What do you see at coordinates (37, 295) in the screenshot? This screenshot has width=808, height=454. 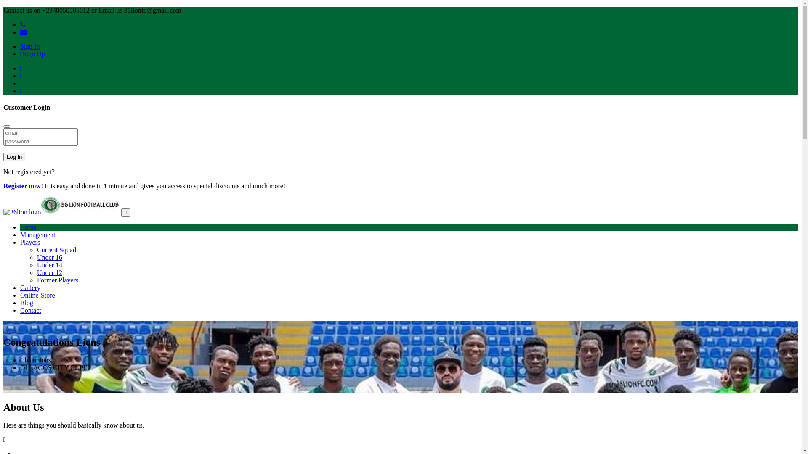 I see `'Online-Store'` at bounding box center [37, 295].